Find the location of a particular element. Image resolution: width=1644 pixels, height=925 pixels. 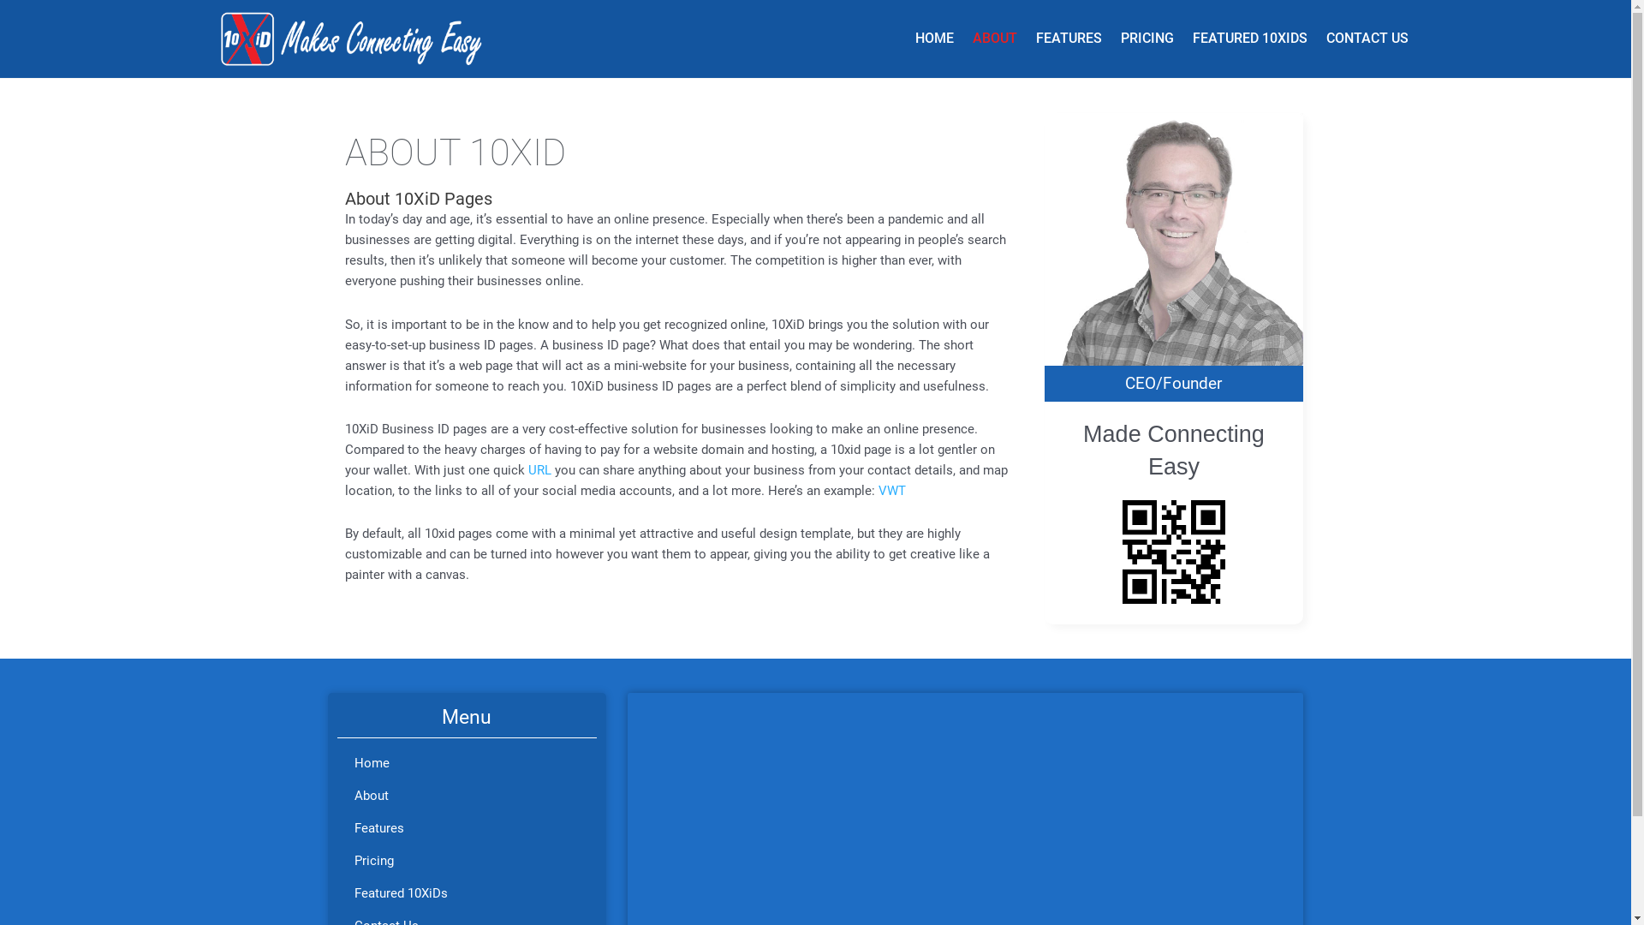

'URL' is located at coordinates (526, 469).